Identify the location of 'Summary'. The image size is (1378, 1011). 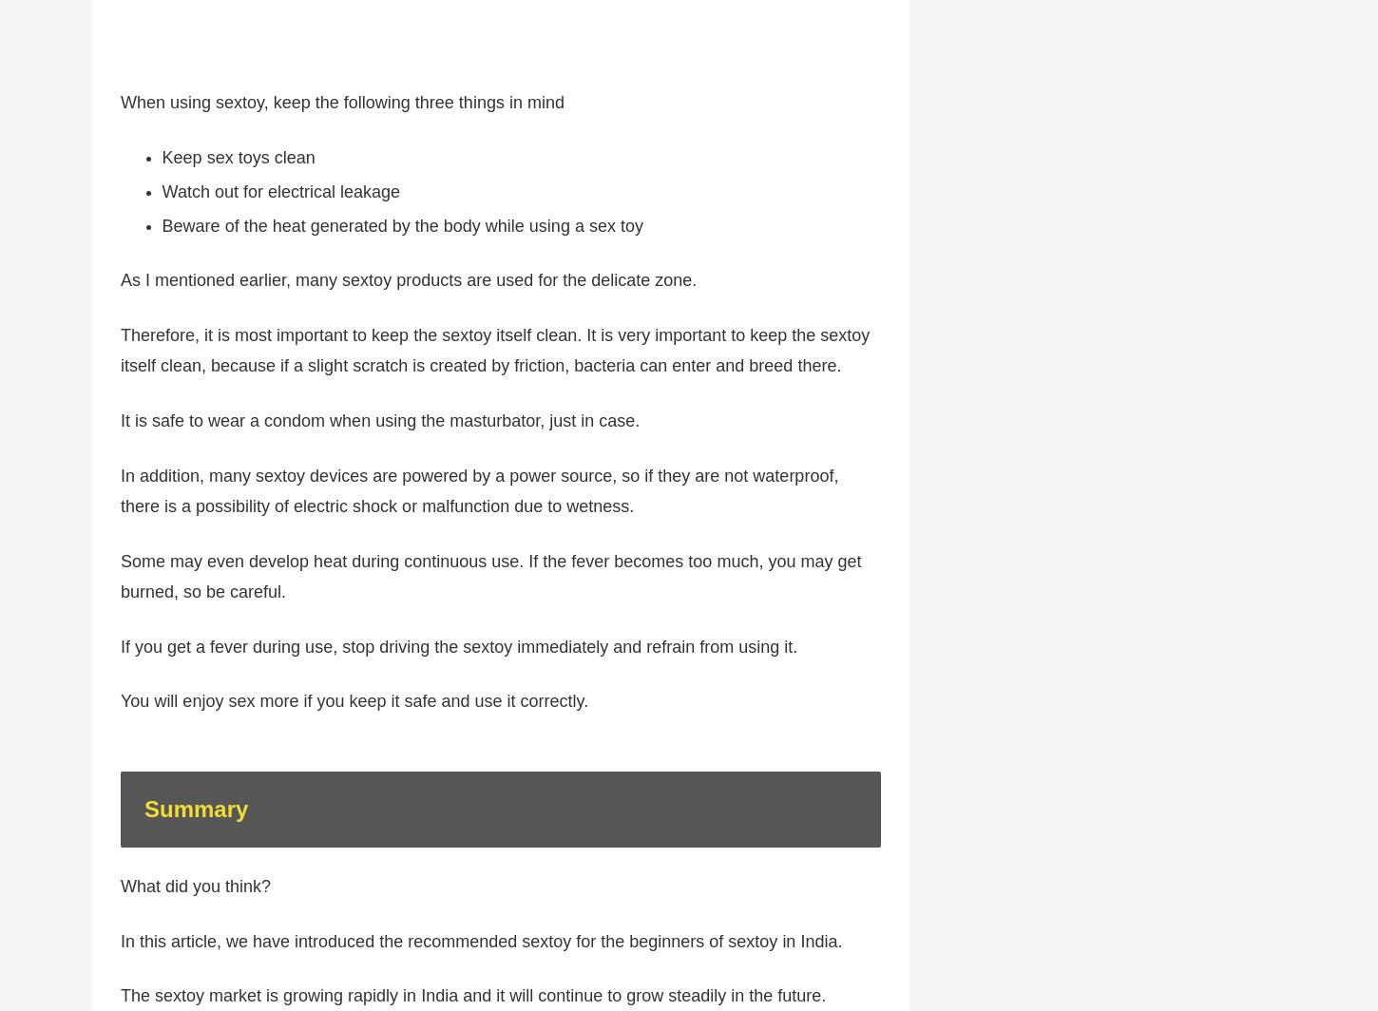
(143, 819).